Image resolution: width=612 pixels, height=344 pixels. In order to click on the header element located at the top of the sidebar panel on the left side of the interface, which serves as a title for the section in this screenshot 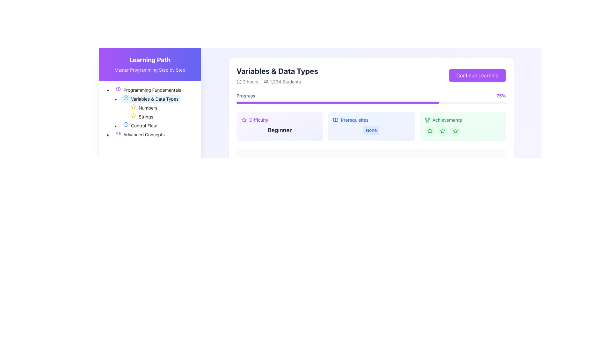, I will do `click(149, 64)`.